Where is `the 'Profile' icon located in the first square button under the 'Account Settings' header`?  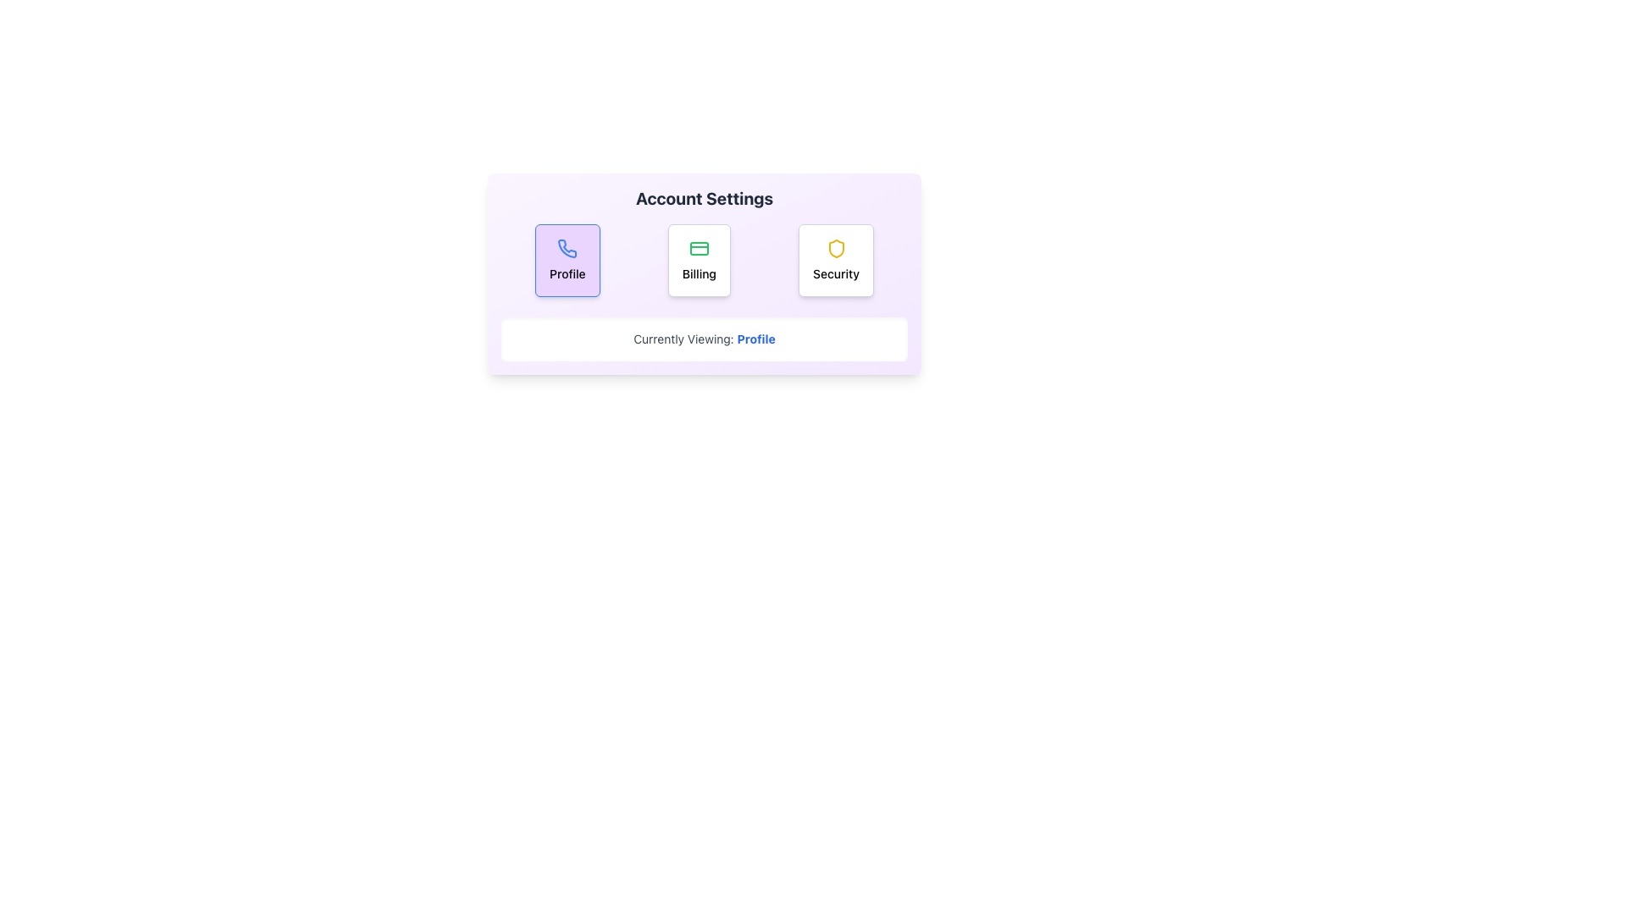 the 'Profile' icon located in the first square button under the 'Account Settings' header is located at coordinates (567, 248).